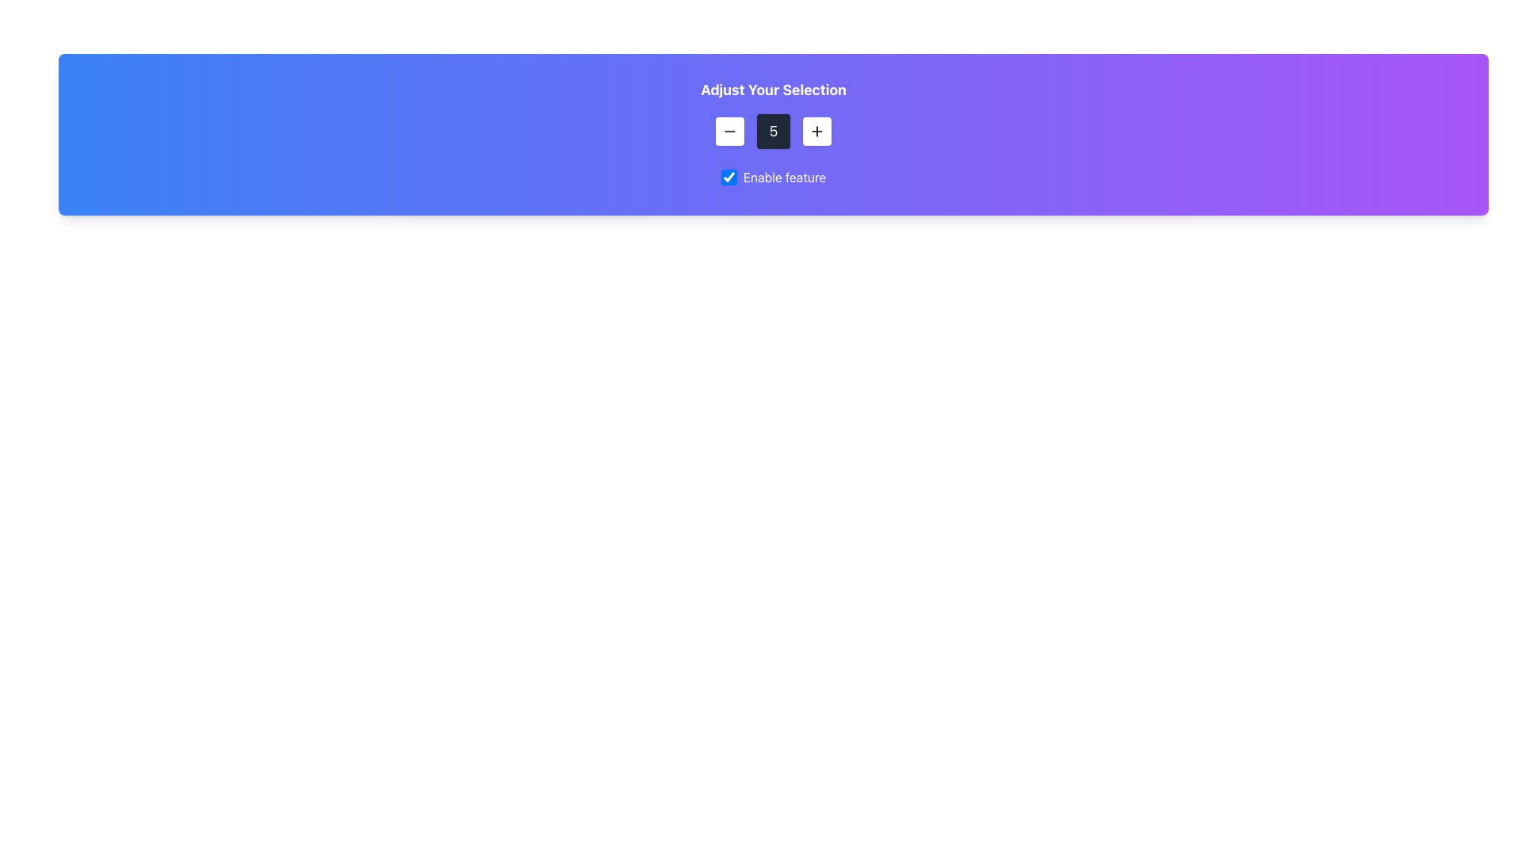 The image size is (1522, 856). What do you see at coordinates (773, 177) in the screenshot?
I see `the text label of the checkbox that allows users to enable or disable a feature, positioned slightly below the numeric selection controls` at bounding box center [773, 177].